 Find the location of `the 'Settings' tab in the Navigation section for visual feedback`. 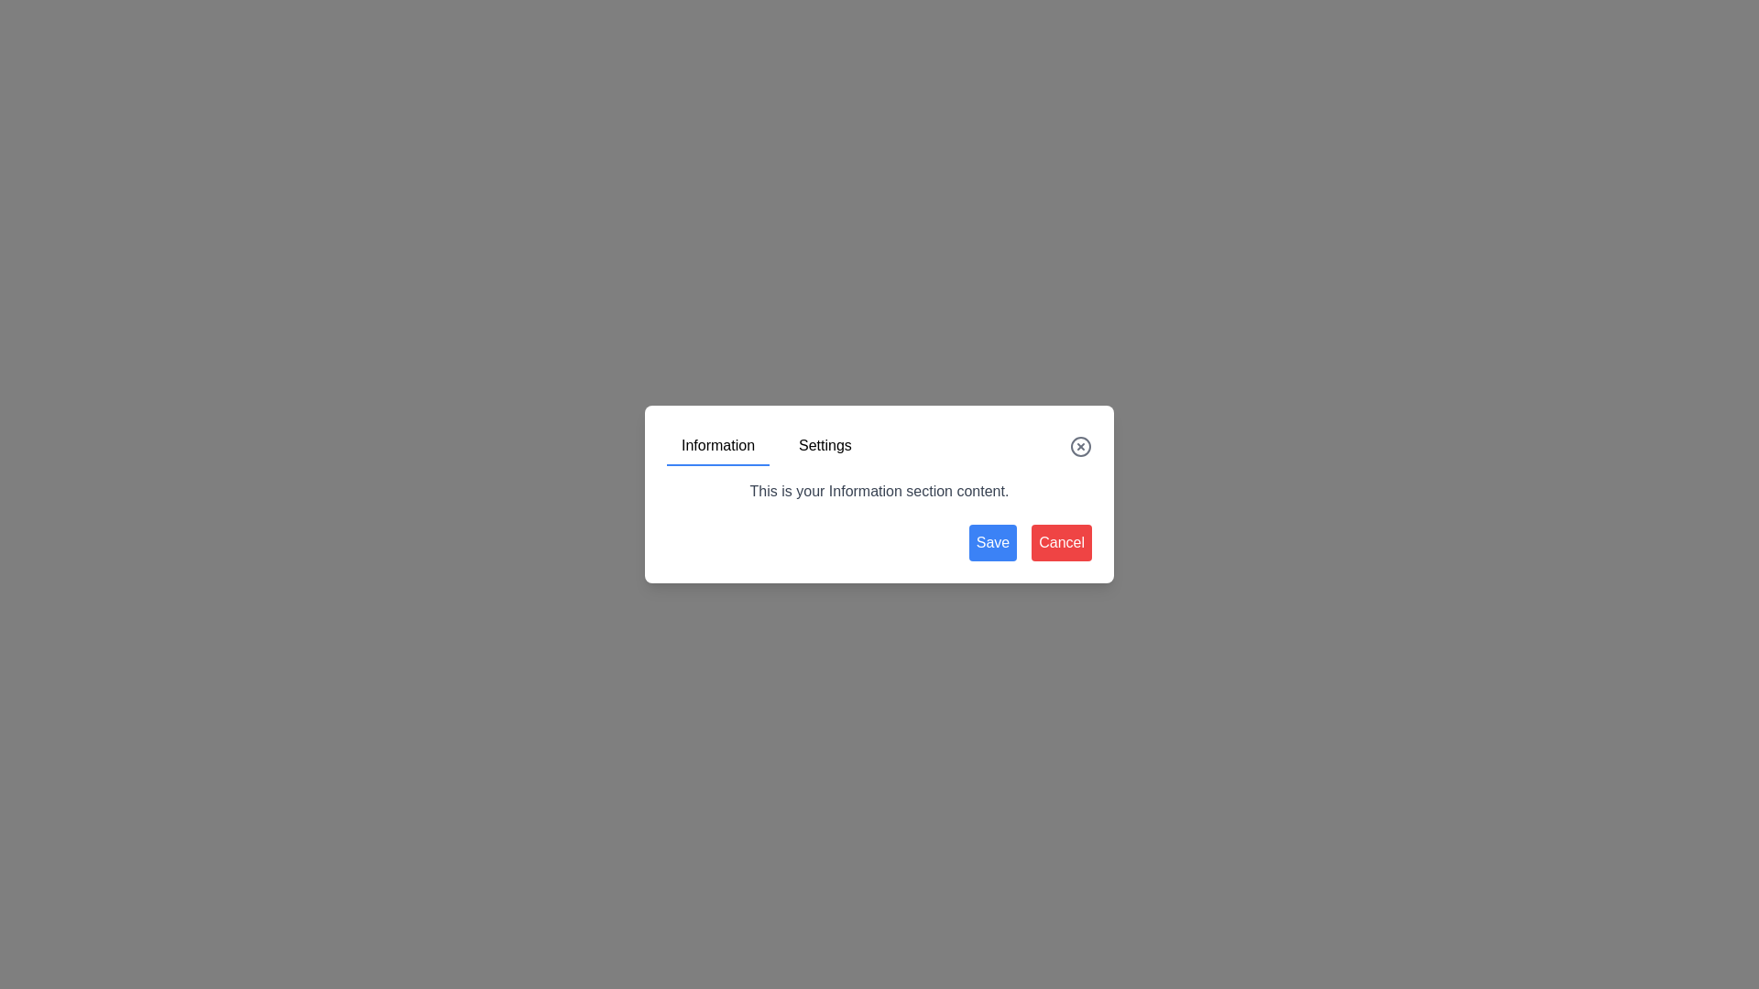

the 'Settings' tab in the Navigation section for visual feedback is located at coordinates (824, 445).